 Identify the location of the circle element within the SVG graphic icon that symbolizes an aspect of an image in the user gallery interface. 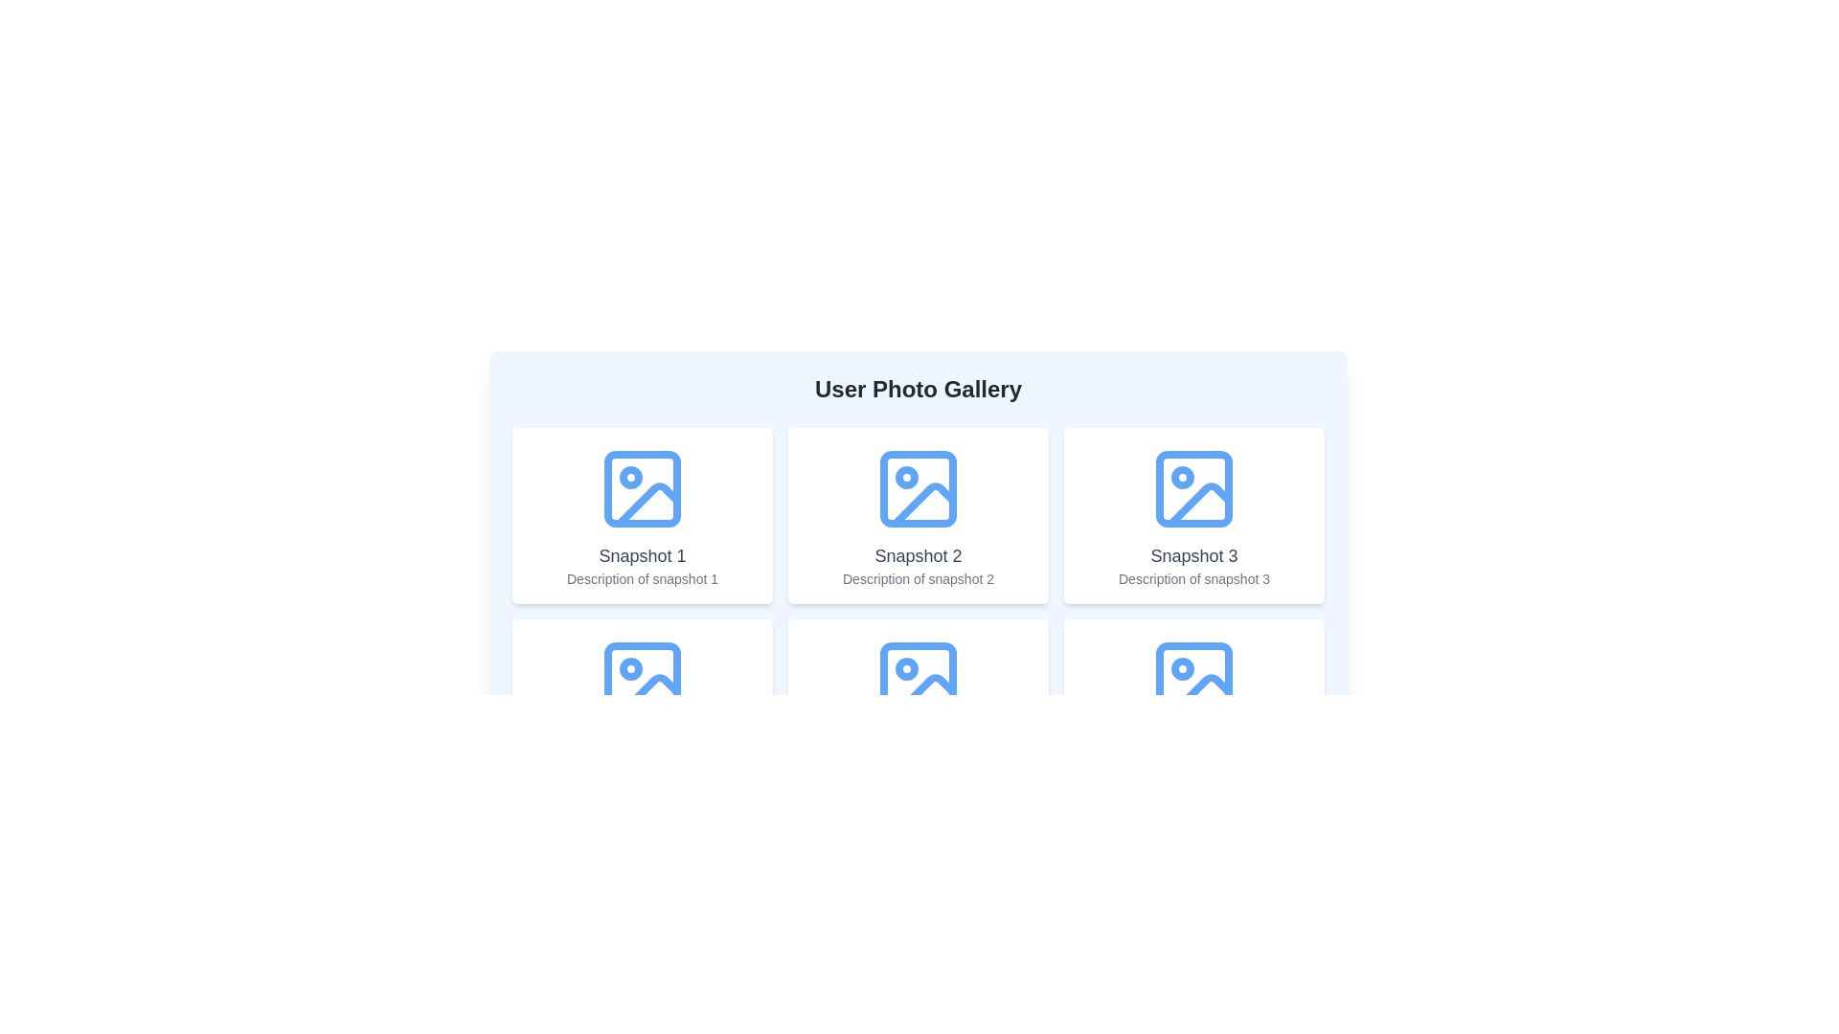
(630, 667).